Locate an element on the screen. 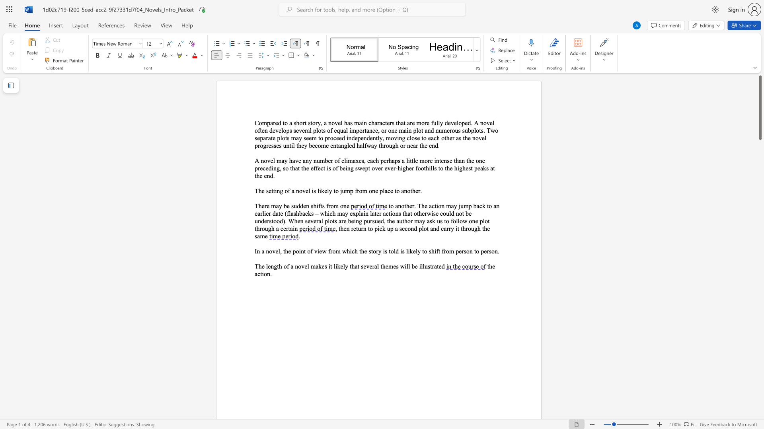 The height and width of the screenshot is (429, 764). the 2th character "e" in the text is located at coordinates (289, 251).